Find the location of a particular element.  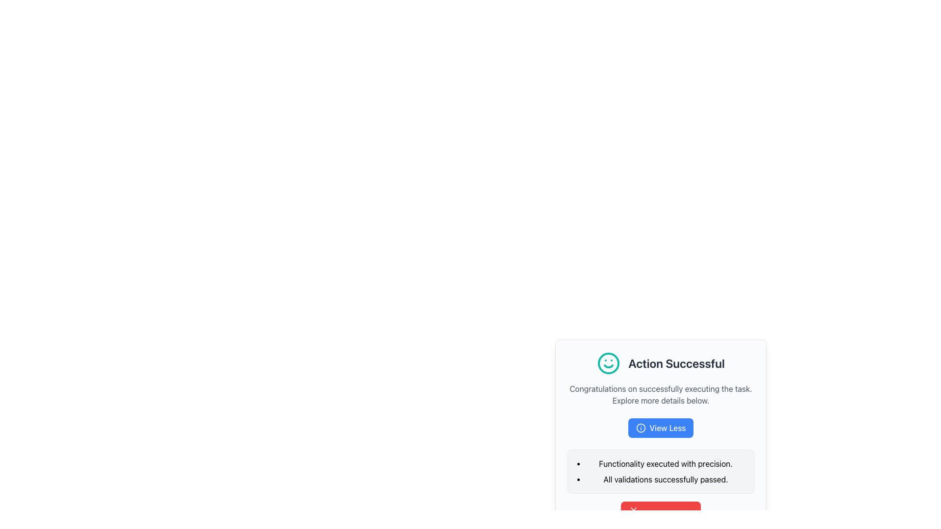

the second item in the bullet list under the header 'Action Successful', which displays a confirmation message indicating successful completion of a validation process is located at coordinates (666, 479).